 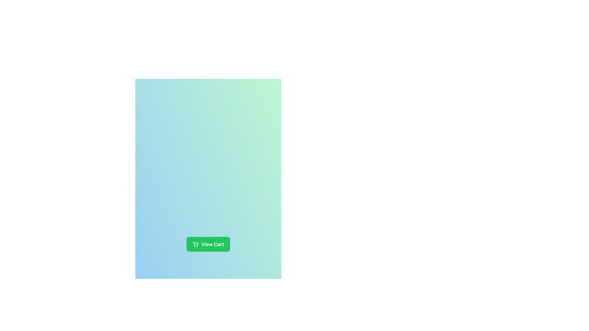 I want to click on the shopping cart icon located on the left side of the green 'View Cart' button in the lower-middle part of the interface, so click(x=195, y=244).